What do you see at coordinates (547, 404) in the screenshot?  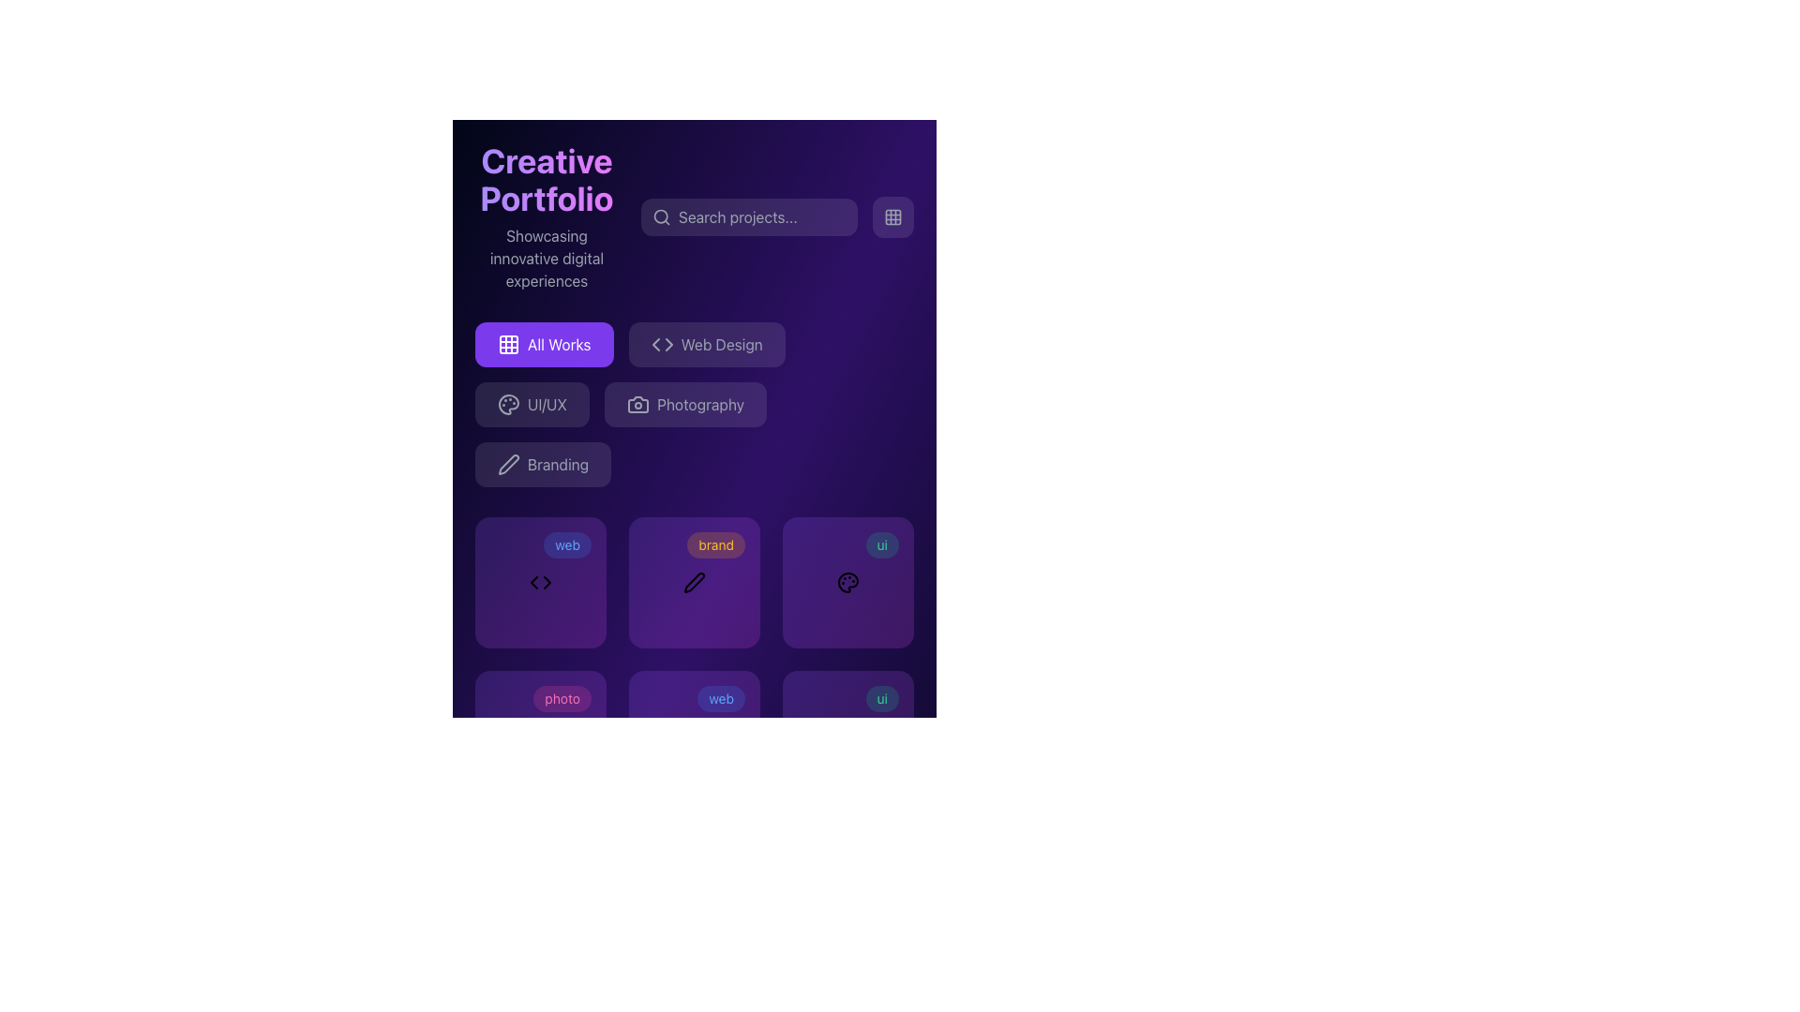 I see `the 'UI/UX' text label, which is styled in bold sans-serif font and light gray color` at bounding box center [547, 404].